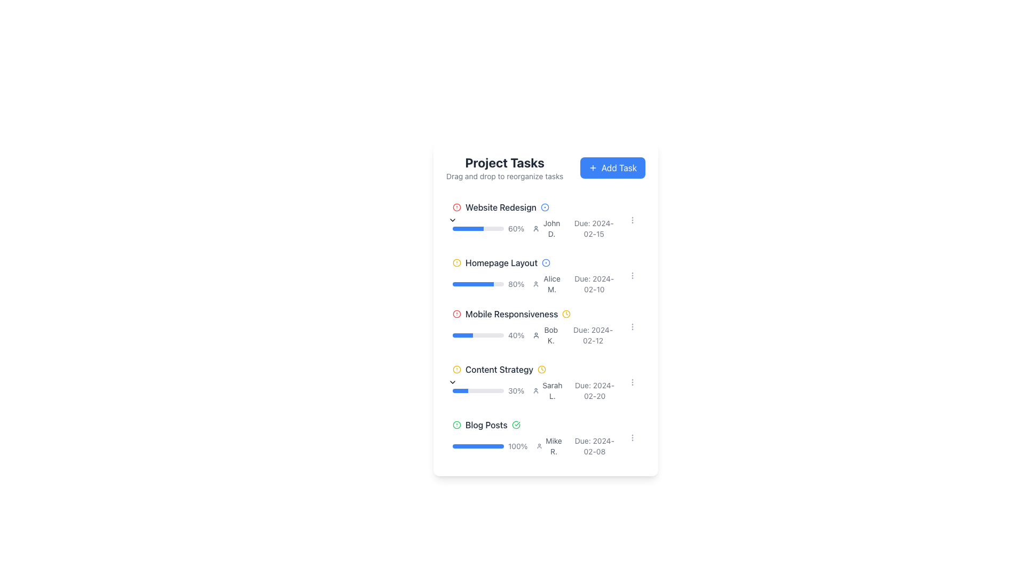 The height and width of the screenshot is (576, 1025). What do you see at coordinates (518, 446) in the screenshot?
I see `text content of the percentage indicator displaying '100%' located at the end of the horizontal progress bar for the task 'Blog Posts'` at bounding box center [518, 446].